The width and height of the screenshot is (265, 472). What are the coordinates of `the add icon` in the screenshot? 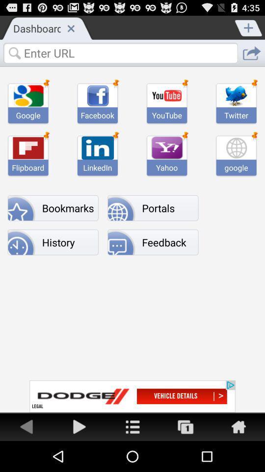 It's located at (249, 29).